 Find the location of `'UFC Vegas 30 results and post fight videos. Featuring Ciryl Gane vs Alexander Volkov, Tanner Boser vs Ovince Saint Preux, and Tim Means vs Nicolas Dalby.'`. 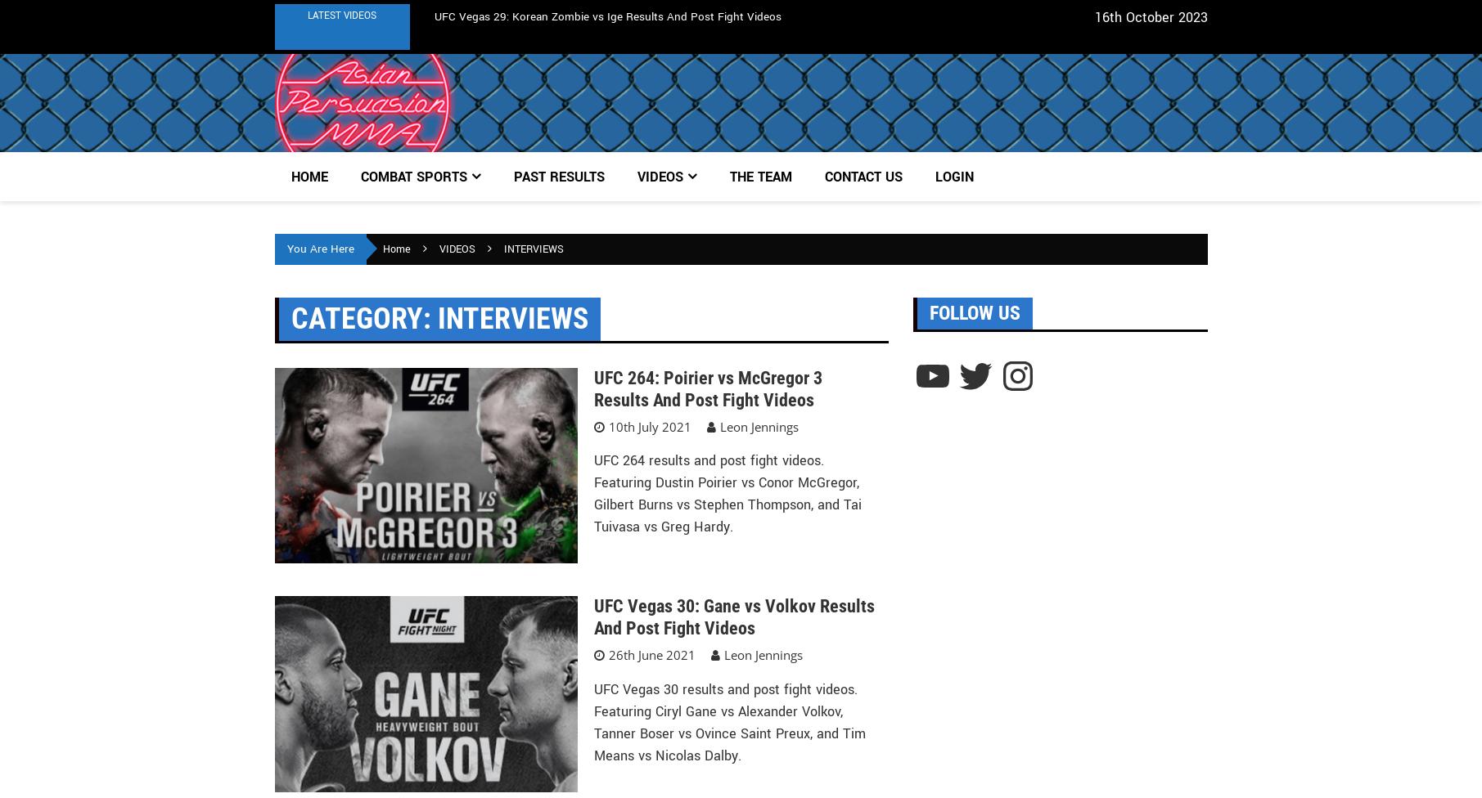

'UFC Vegas 30 results and post fight videos. Featuring Ciryl Gane vs Alexander Volkov, Tanner Boser vs Ovince Saint Preux, and Tim Means vs Nicolas Dalby.' is located at coordinates (729, 720).